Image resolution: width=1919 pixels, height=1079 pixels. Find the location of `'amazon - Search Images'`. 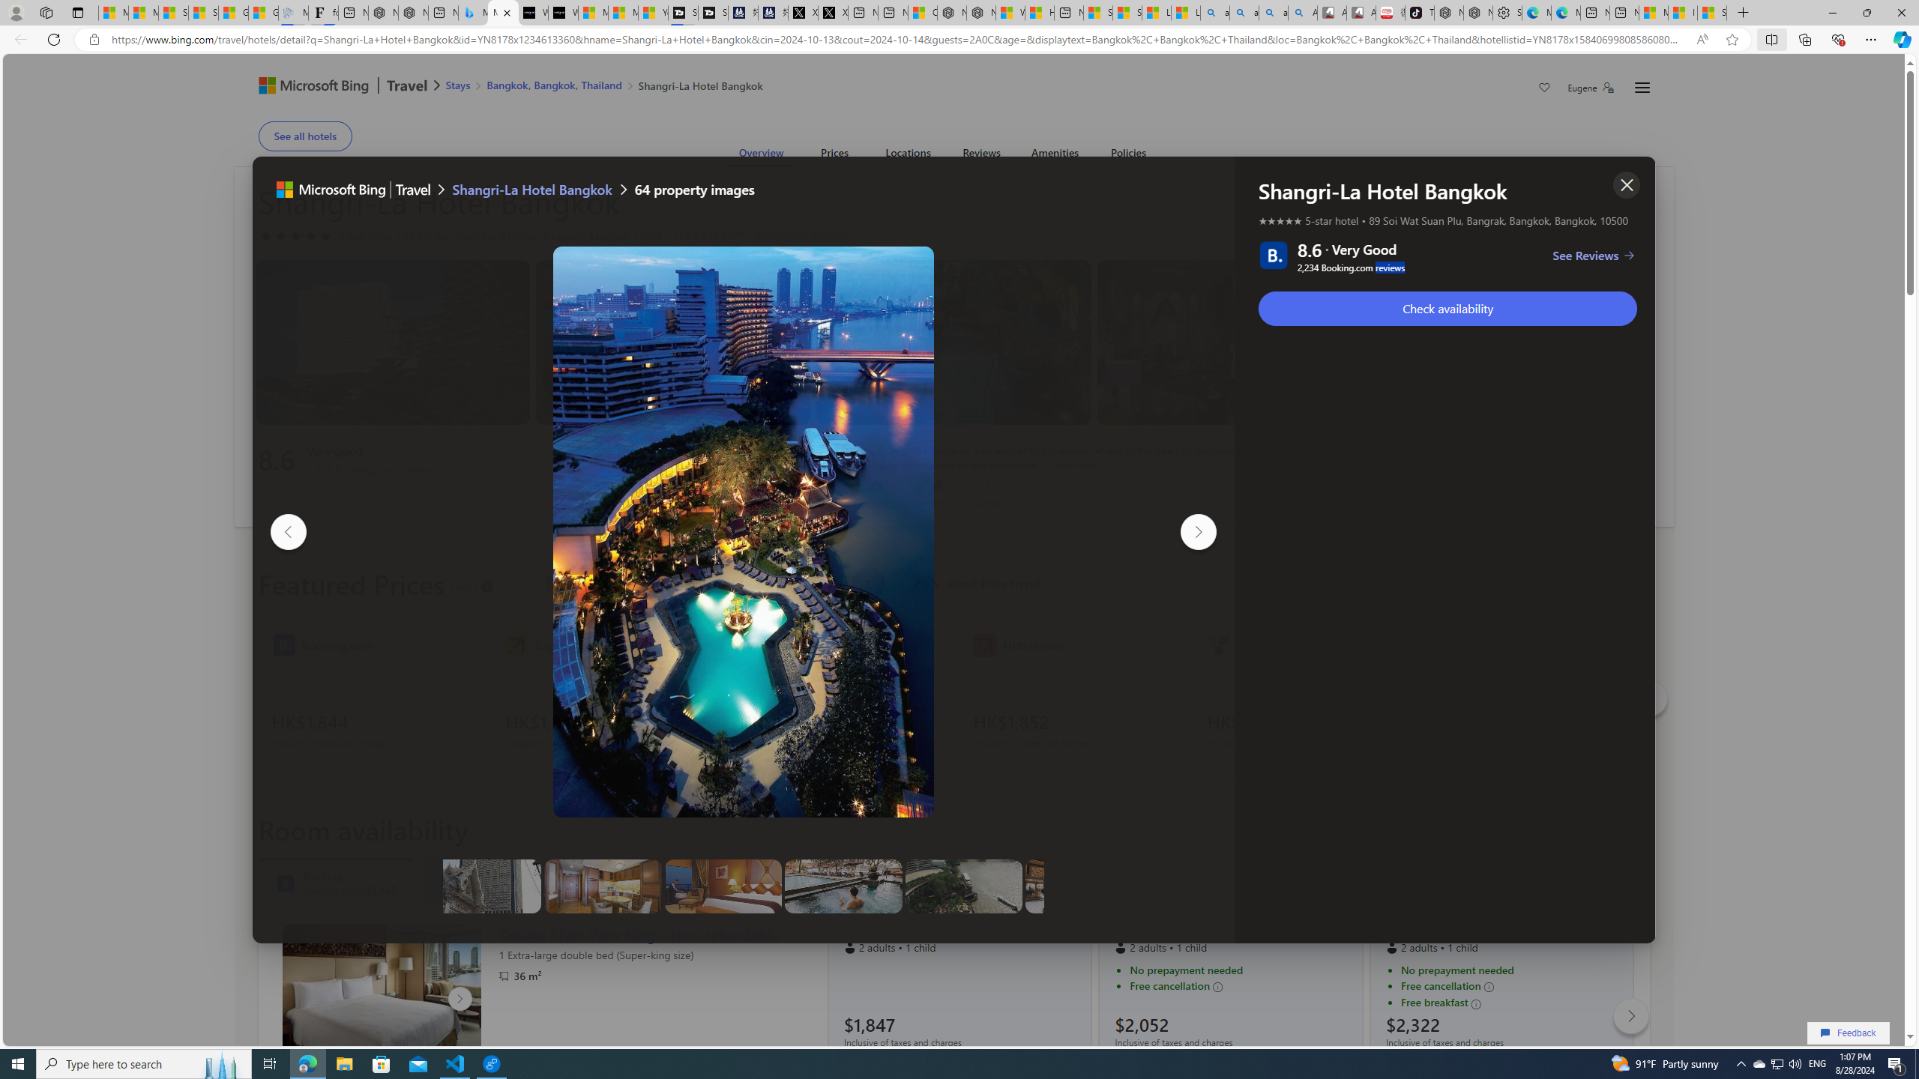

'amazon - Search Images' is located at coordinates (1274, 12).